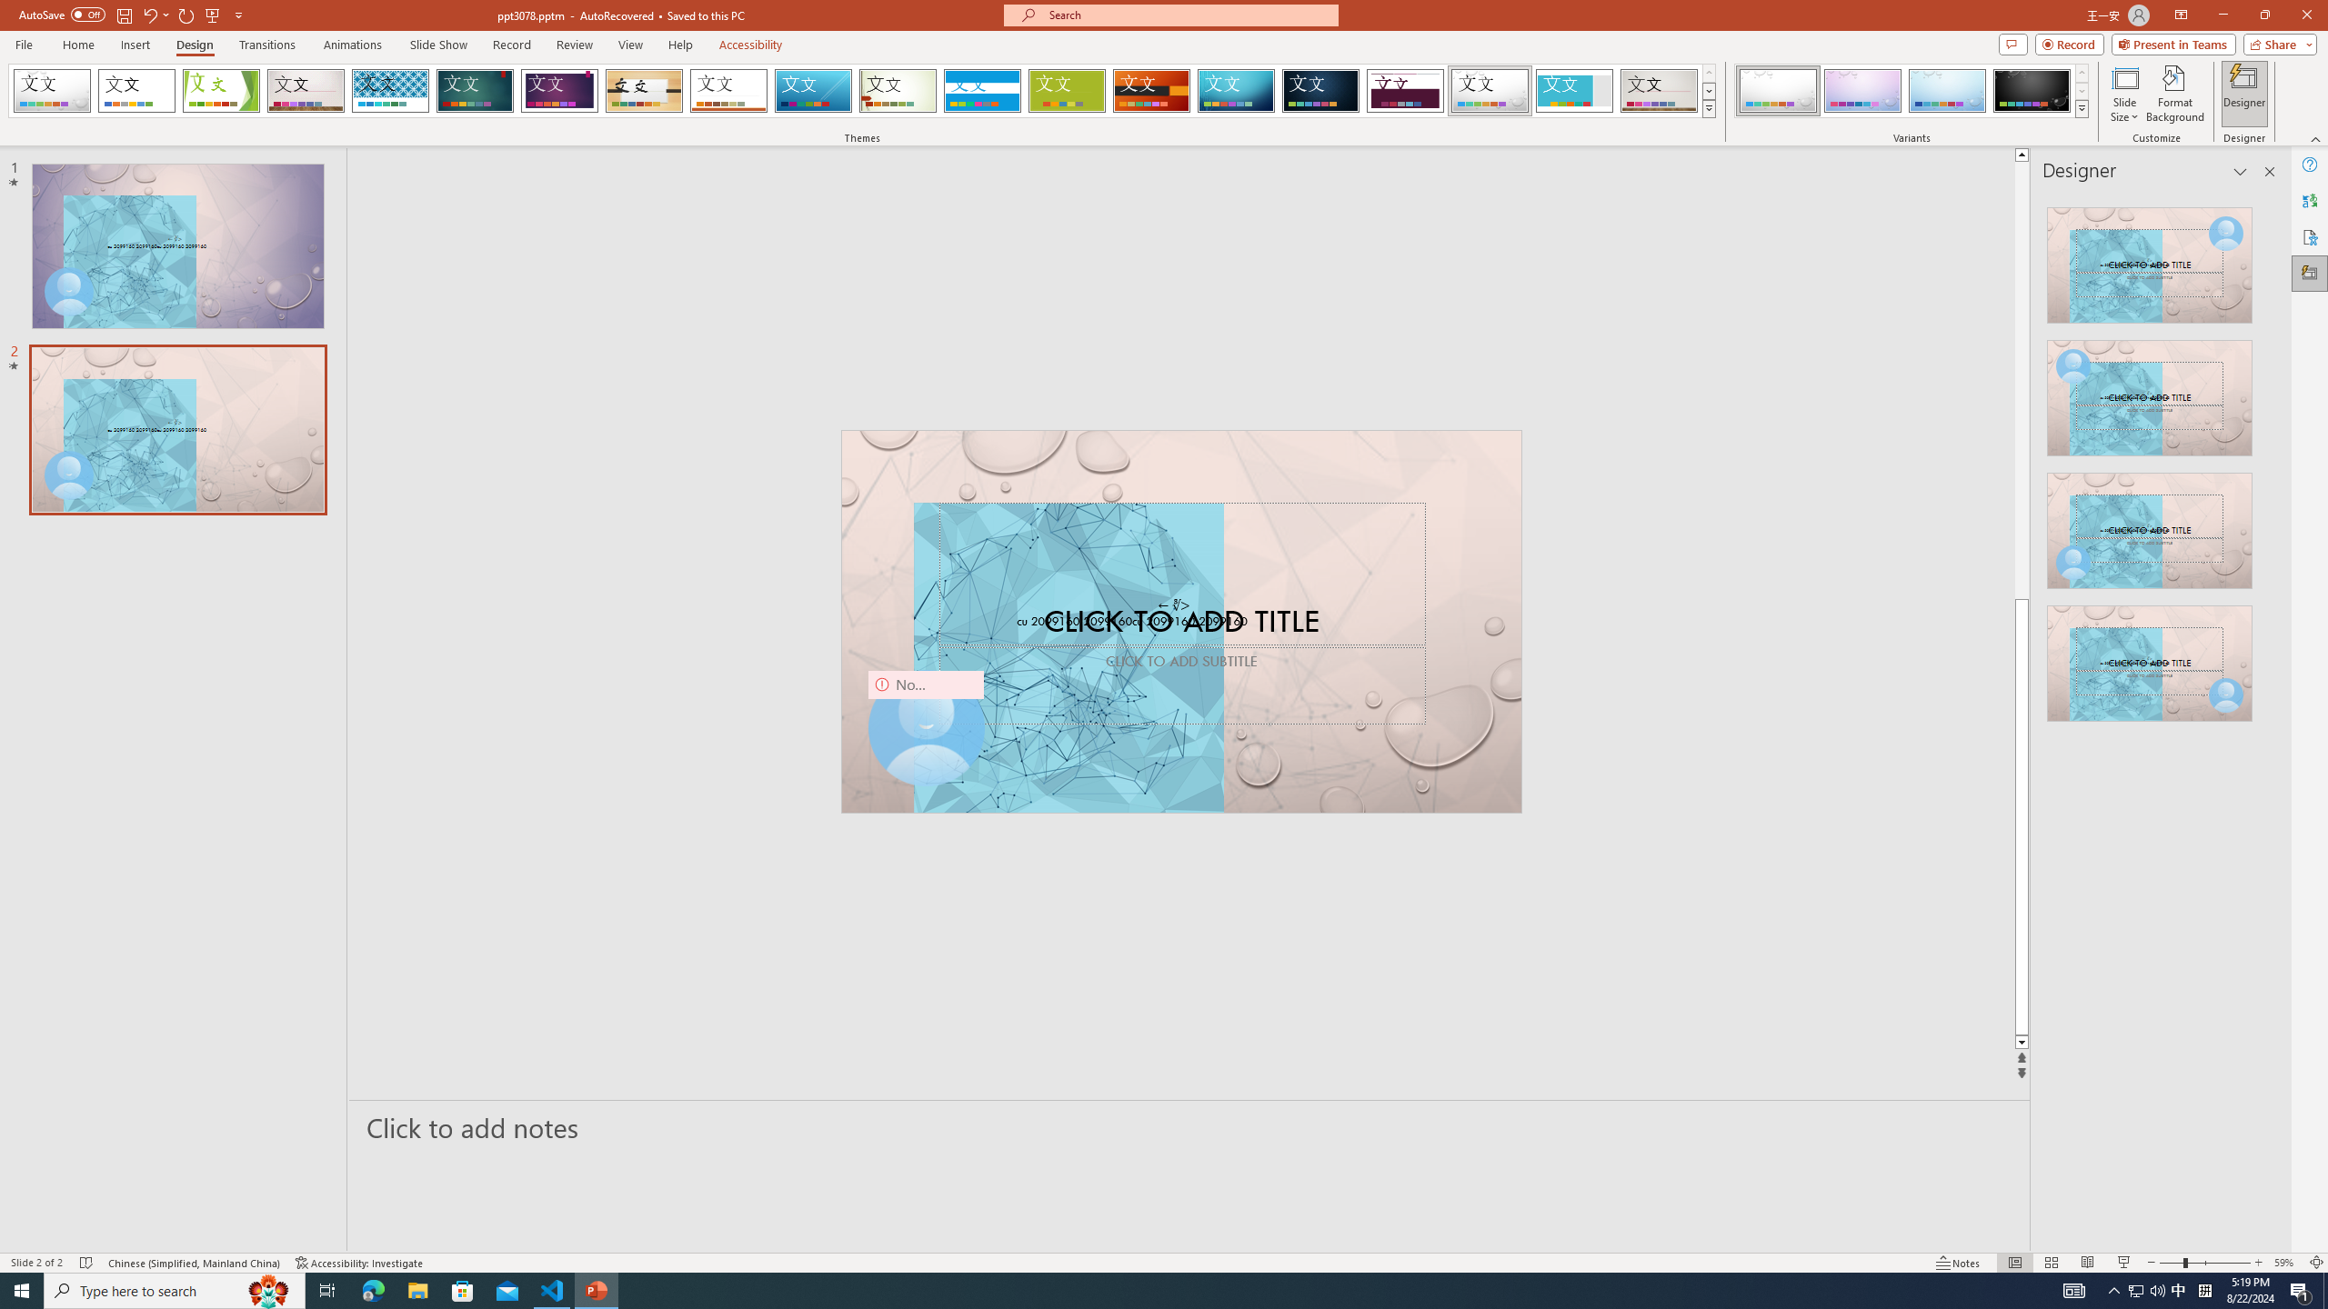  I want to click on 'Slide Size', so click(2124, 94).